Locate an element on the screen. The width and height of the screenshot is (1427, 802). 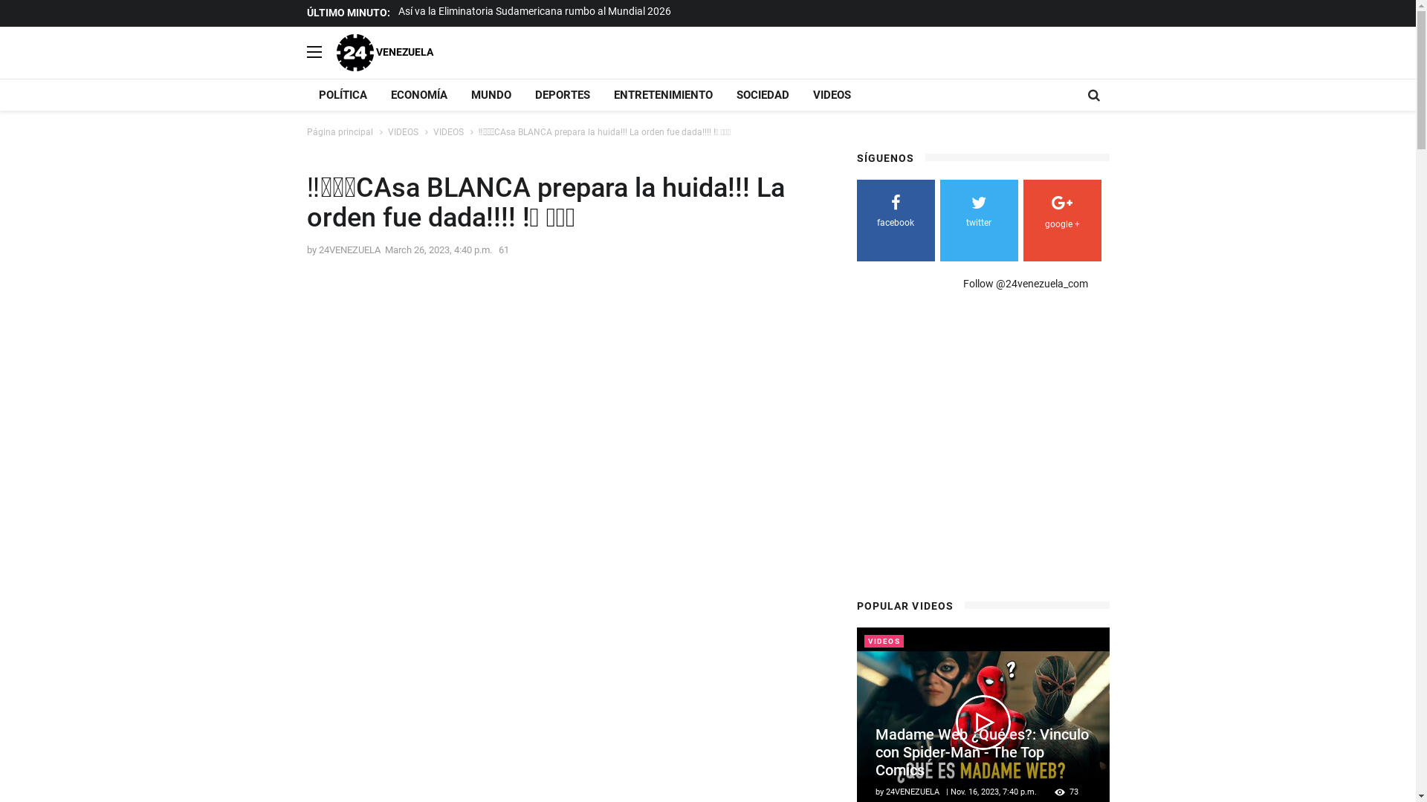
'twitter' is located at coordinates (978, 214).